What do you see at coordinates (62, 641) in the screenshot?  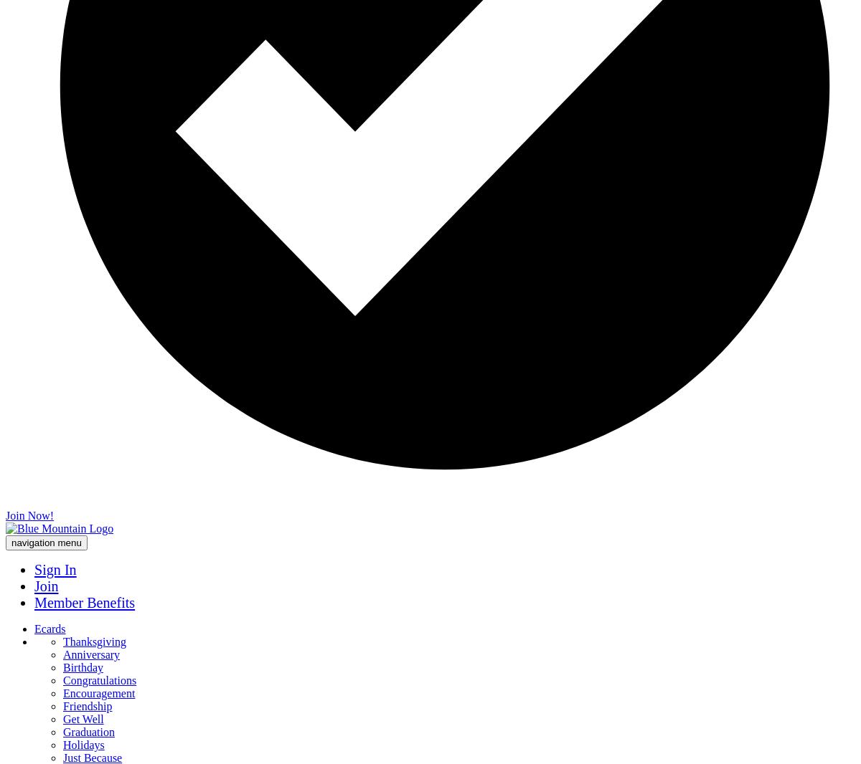 I see `'Thanksgiving'` at bounding box center [62, 641].